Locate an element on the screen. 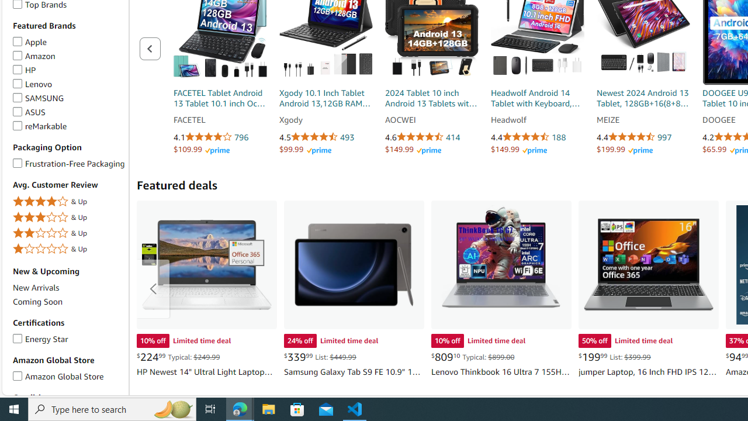 This screenshot has width=748, height=421. 'ASUS ASUS' is located at coordinates (29, 112).